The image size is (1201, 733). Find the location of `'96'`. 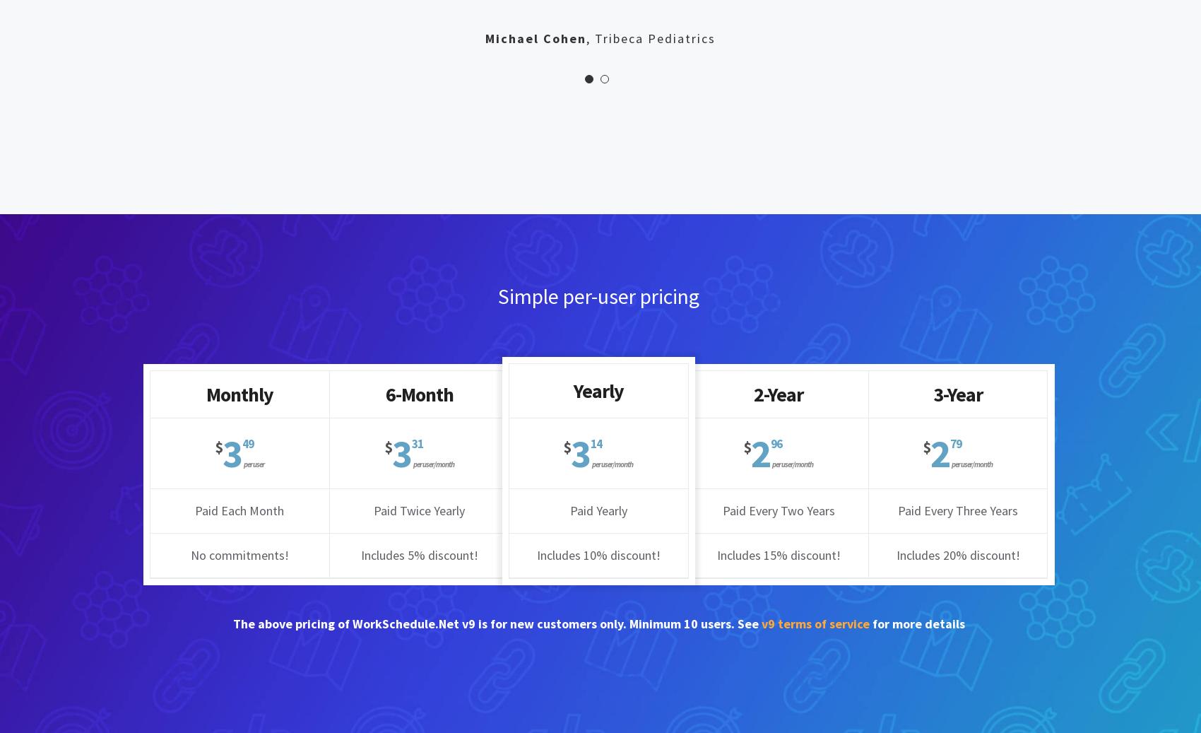

'96' is located at coordinates (771, 444).